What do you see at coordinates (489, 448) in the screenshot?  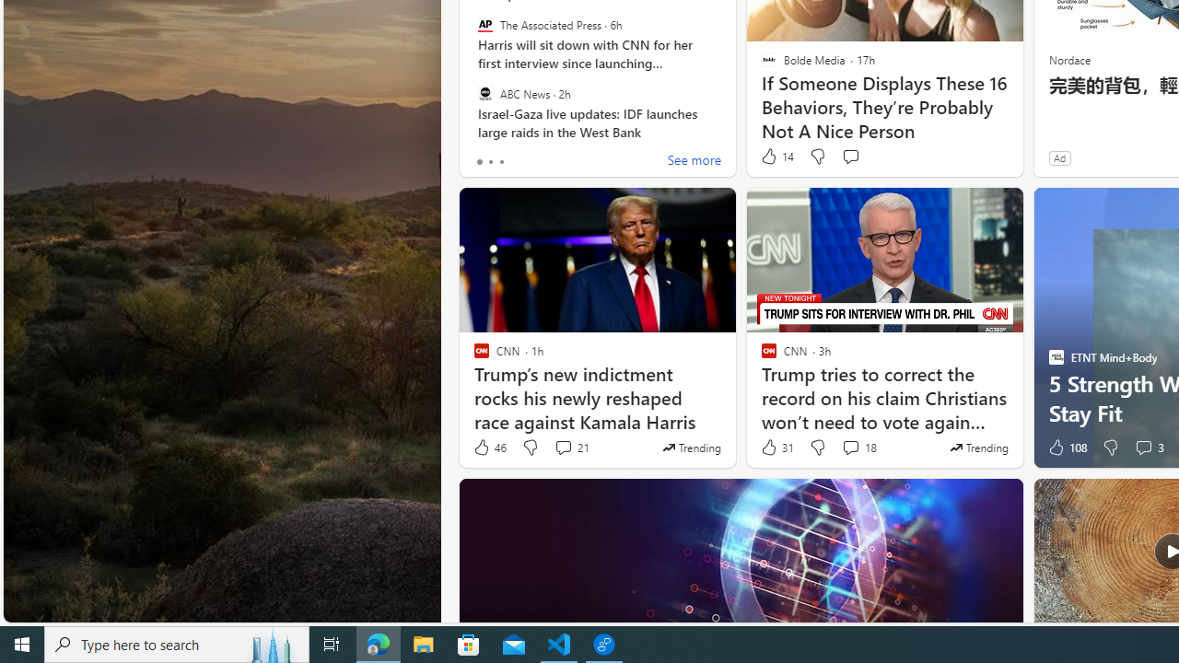 I see `'46 Like'` at bounding box center [489, 448].